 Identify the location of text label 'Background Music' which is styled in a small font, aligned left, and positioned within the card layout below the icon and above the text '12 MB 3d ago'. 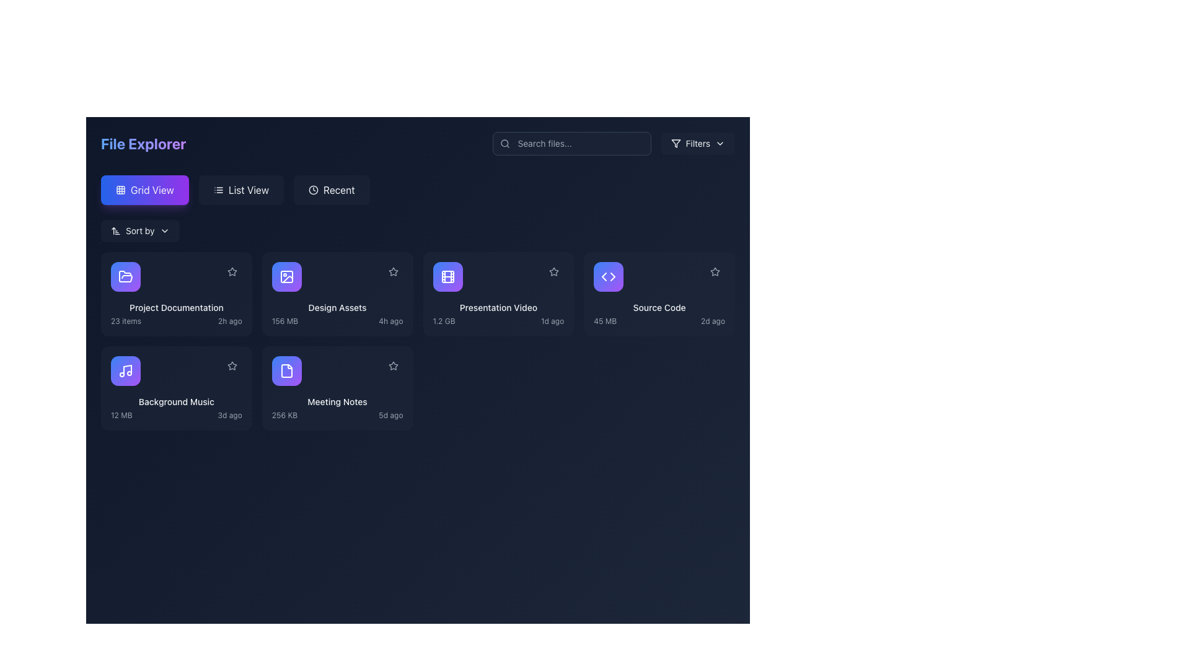
(175, 401).